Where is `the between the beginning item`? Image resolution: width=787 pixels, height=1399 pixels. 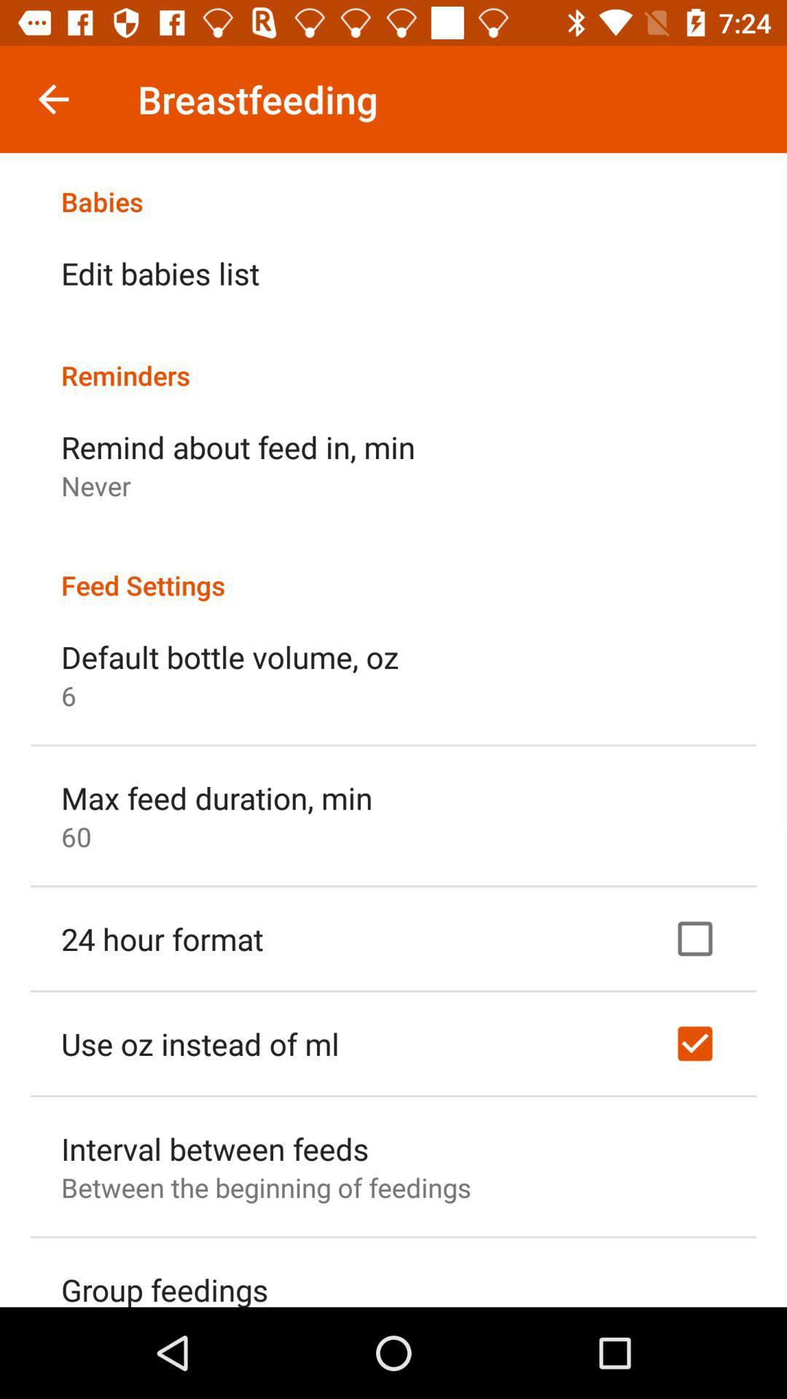 the between the beginning item is located at coordinates (266, 1187).